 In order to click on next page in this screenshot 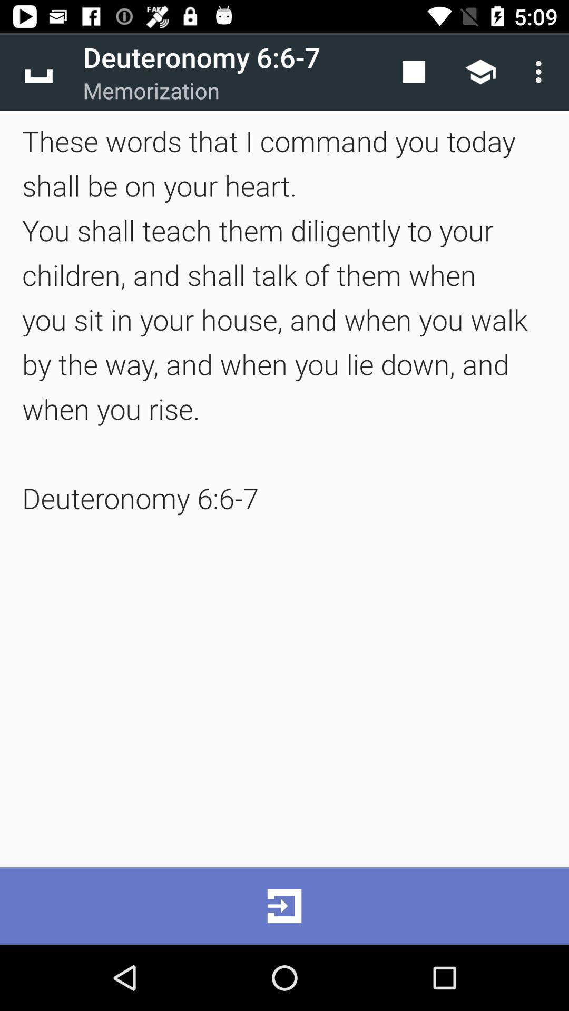, I will do `click(284, 905)`.